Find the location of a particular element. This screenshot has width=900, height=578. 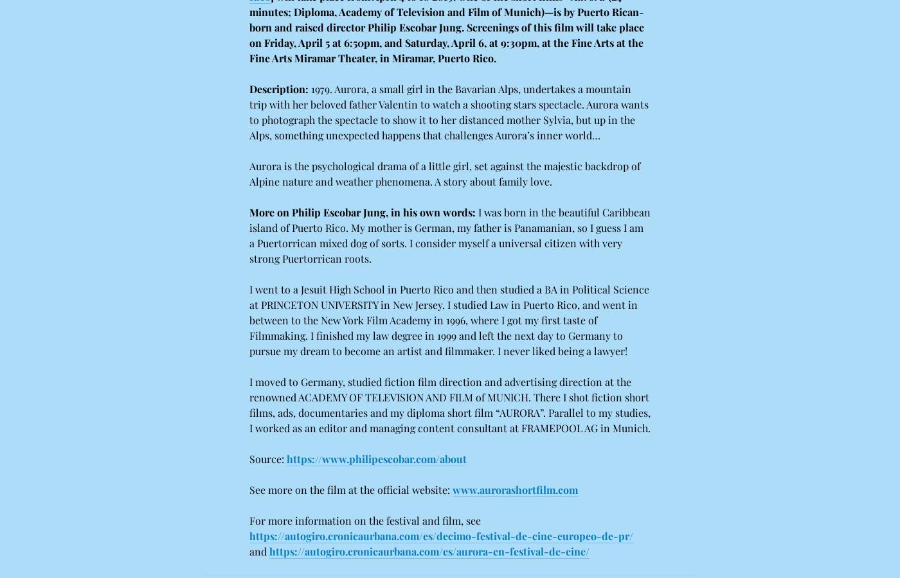

'and' is located at coordinates (259, 551).